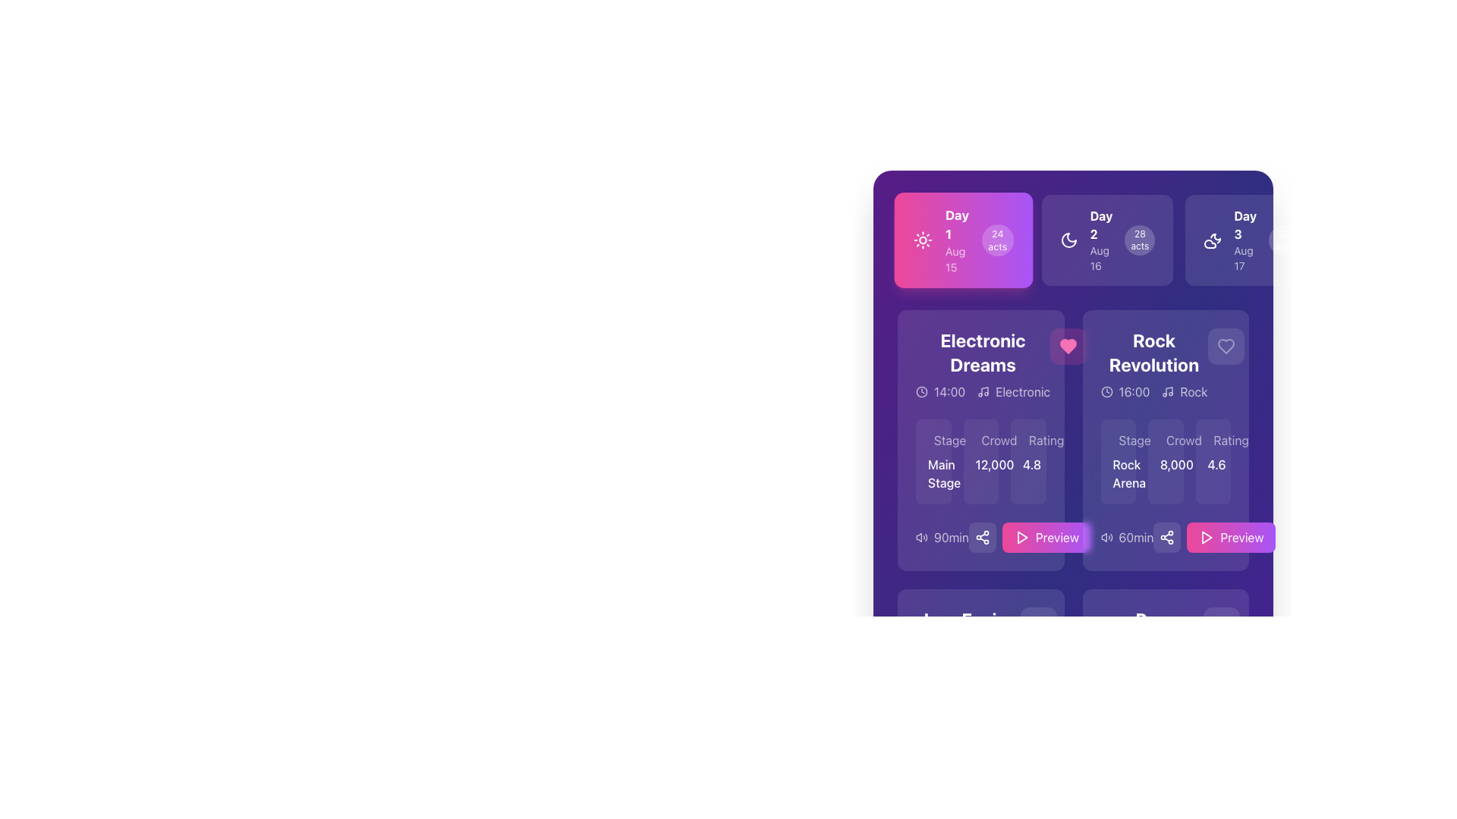 The image size is (1457, 819). What do you see at coordinates (1214, 537) in the screenshot?
I see `the 'Preview' button with a pink to purple gradient background, located at the bottom right of the Rock Revolution event section` at bounding box center [1214, 537].